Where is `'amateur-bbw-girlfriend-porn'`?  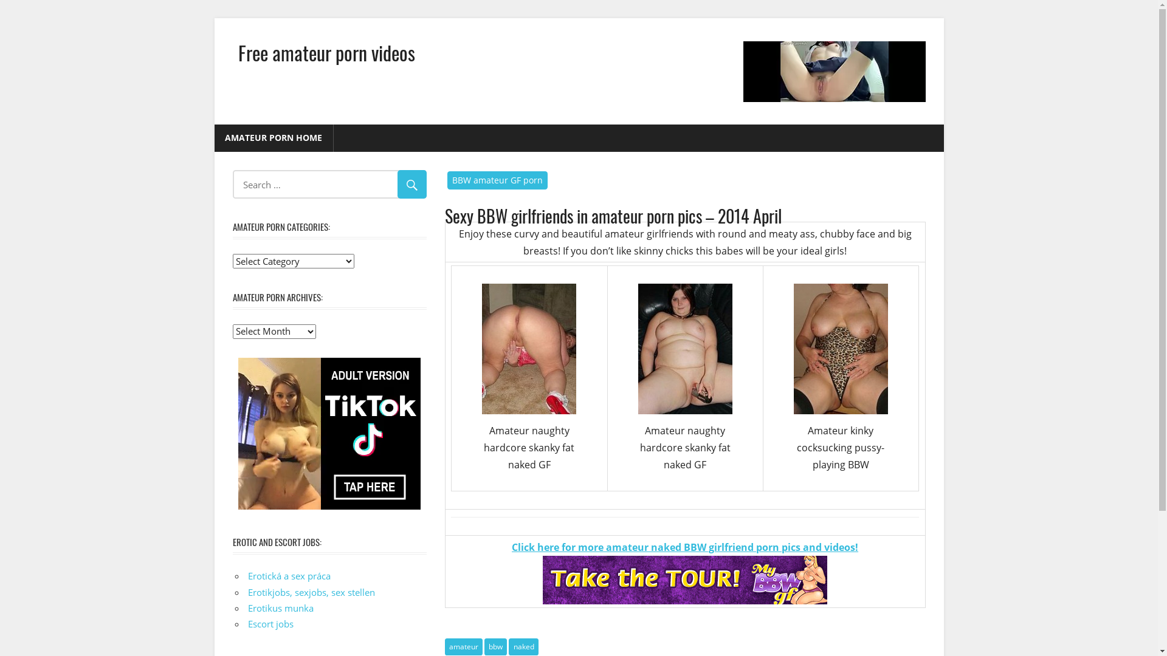
'amateur-bbw-girlfriend-porn' is located at coordinates (685, 579).